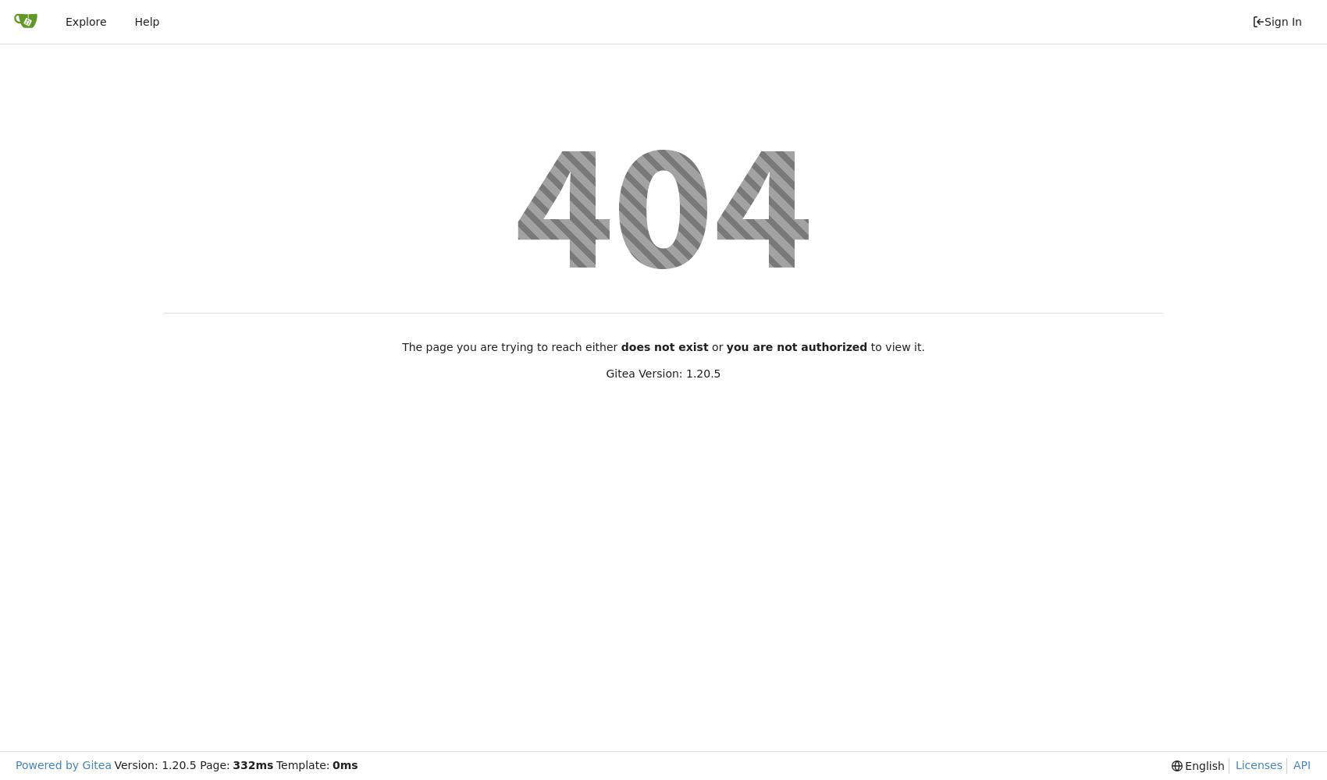 This screenshot has width=1327, height=780. I want to click on '0ms', so click(345, 764).